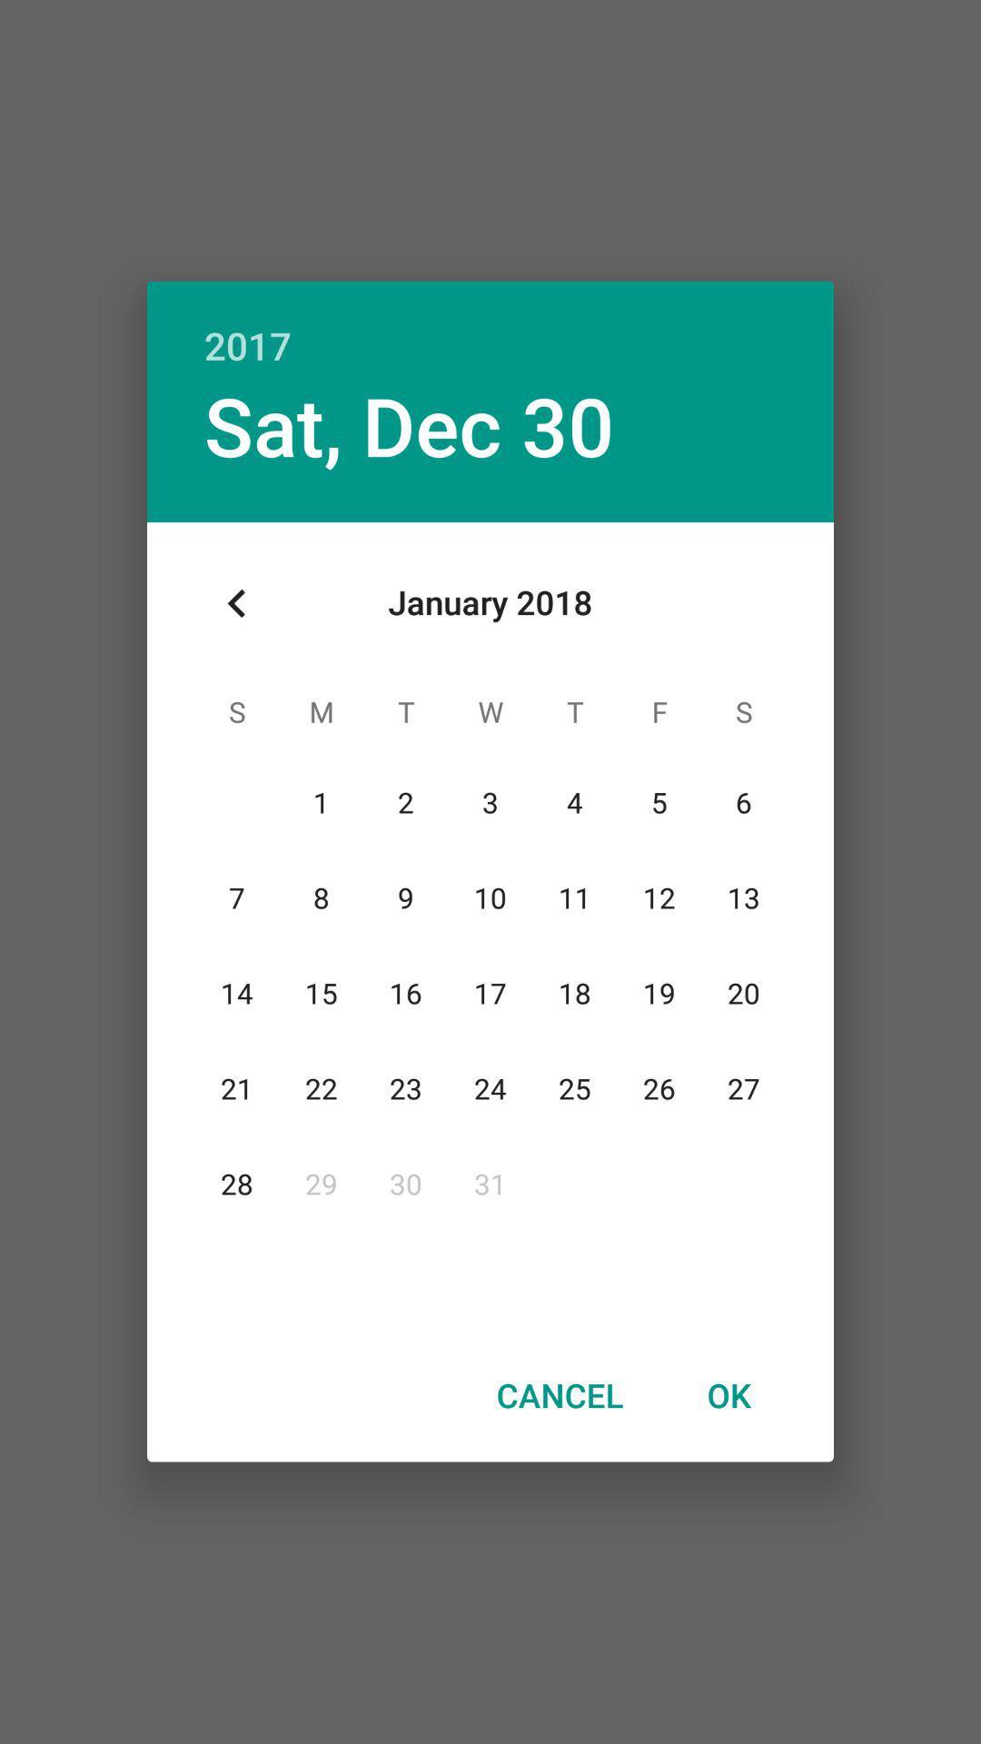 This screenshot has width=981, height=1744. What do you see at coordinates (409, 424) in the screenshot?
I see `sat, dec 30 item` at bounding box center [409, 424].